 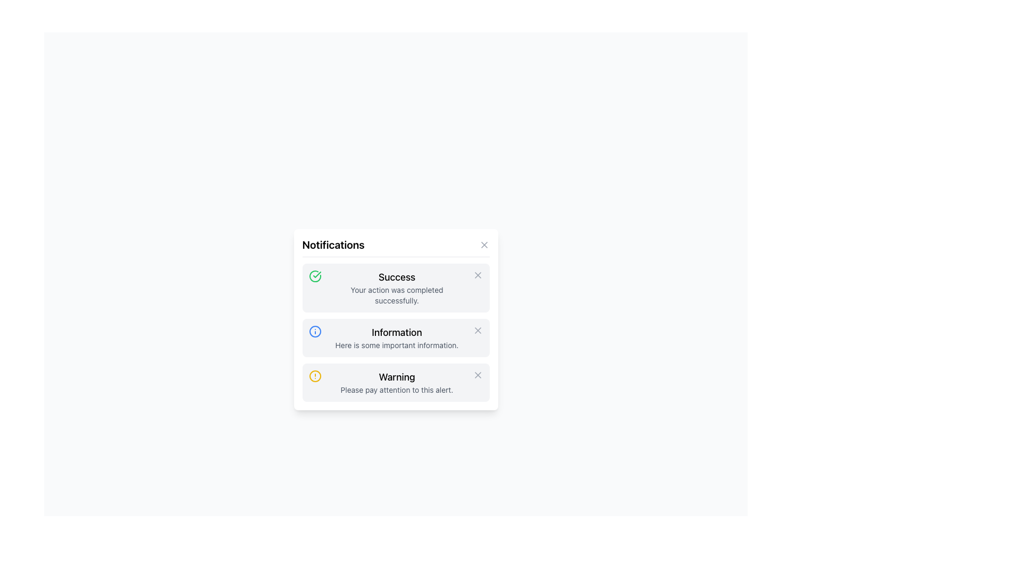 I want to click on the text display component that shows the title 'Success' and the description 'Your action was completed successfully.', so click(x=396, y=288).